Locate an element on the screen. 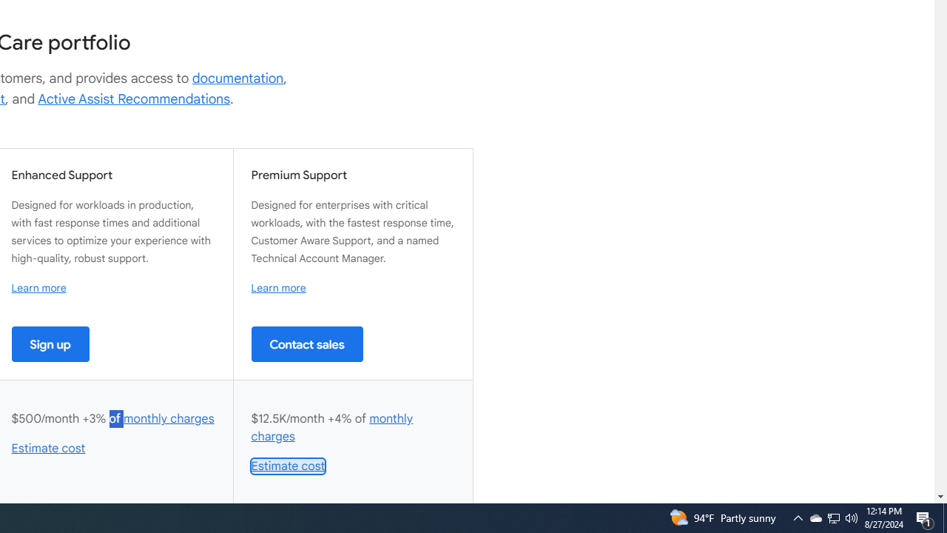  'Contact sales' is located at coordinates (306, 343).